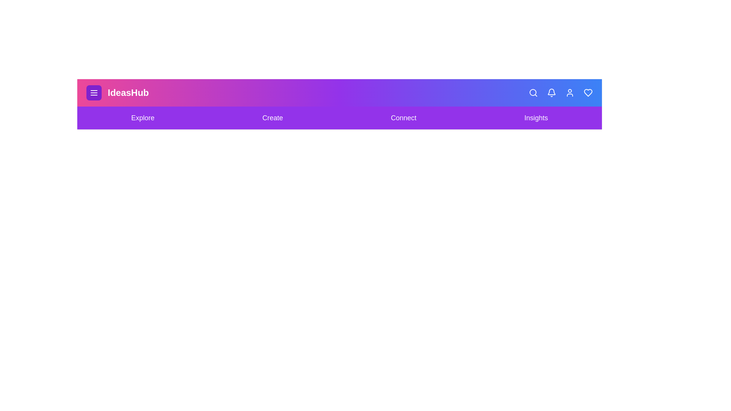 The image size is (731, 411). What do you see at coordinates (535, 118) in the screenshot?
I see `the Insights navigation link` at bounding box center [535, 118].